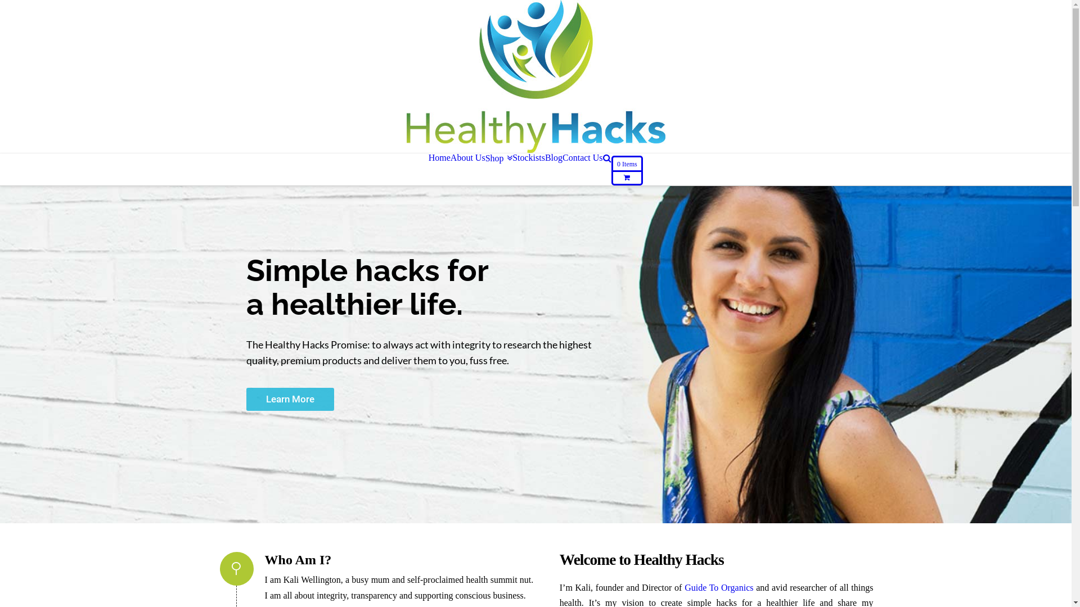 This screenshot has height=607, width=1080. What do you see at coordinates (467, 158) in the screenshot?
I see `'About Us'` at bounding box center [467, 158].